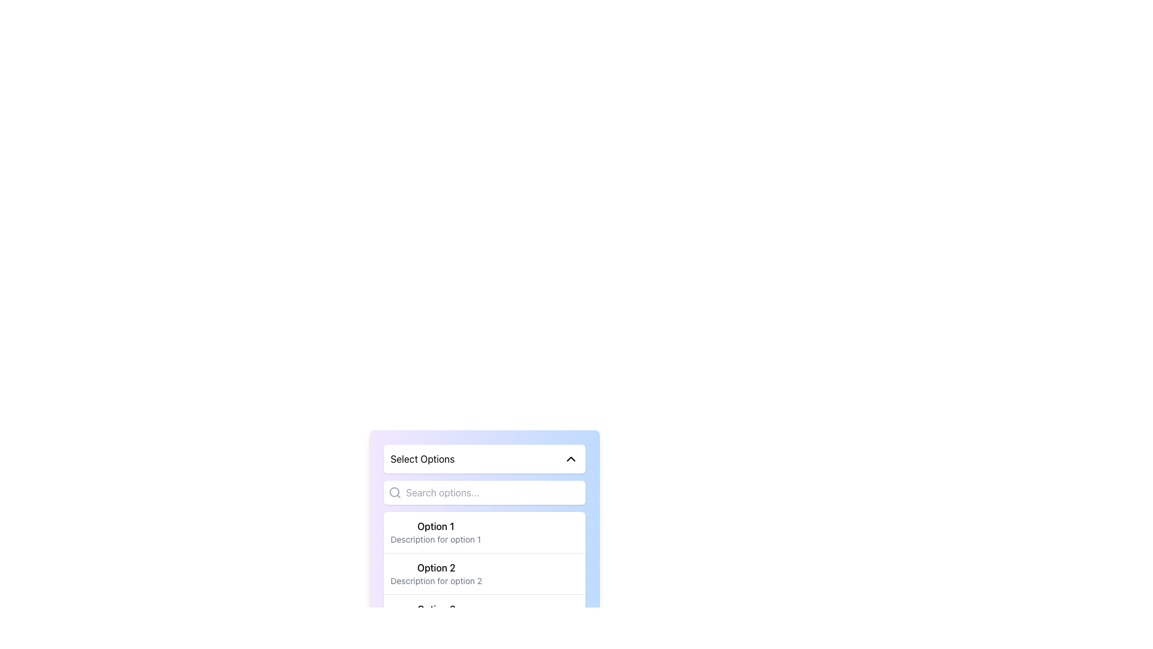 This screenshot has height=649, width=1153. I want to click on the second item in the vertically stacked list of selectable options, so click(435, 573).